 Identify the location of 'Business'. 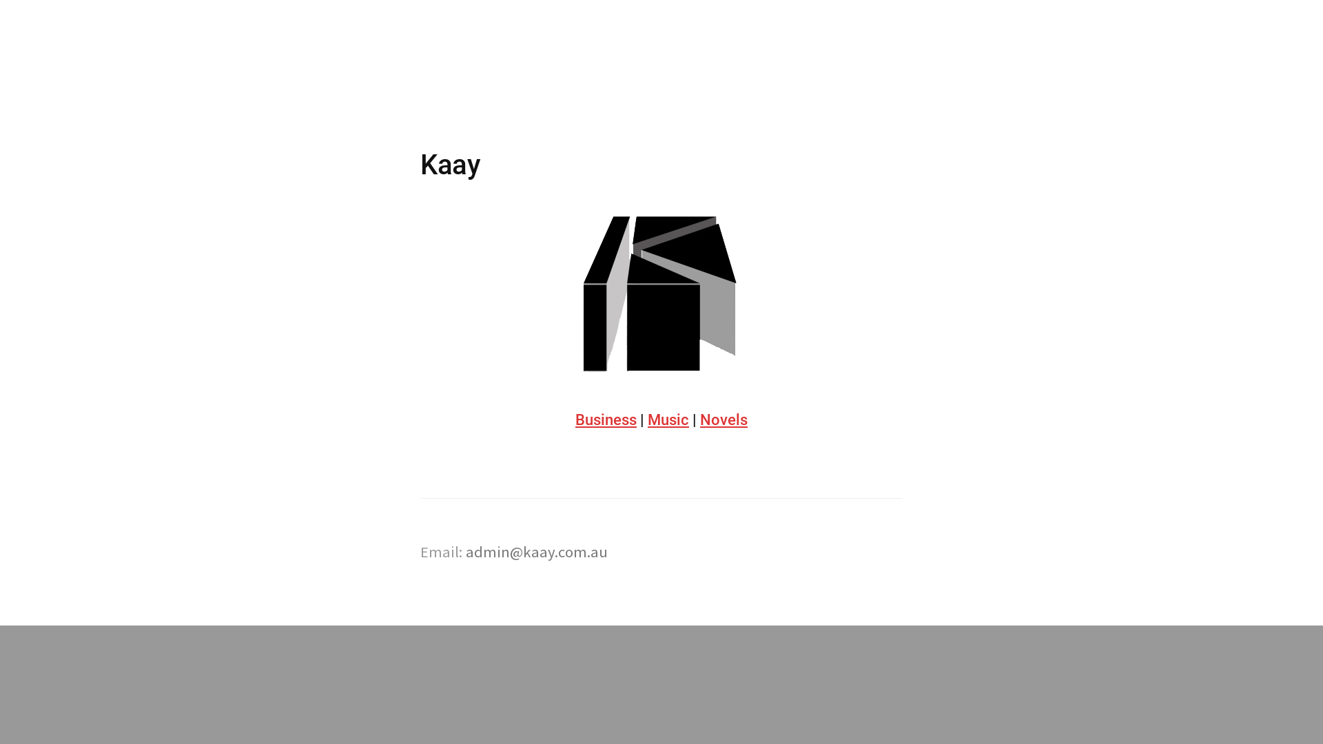
(606, 419).